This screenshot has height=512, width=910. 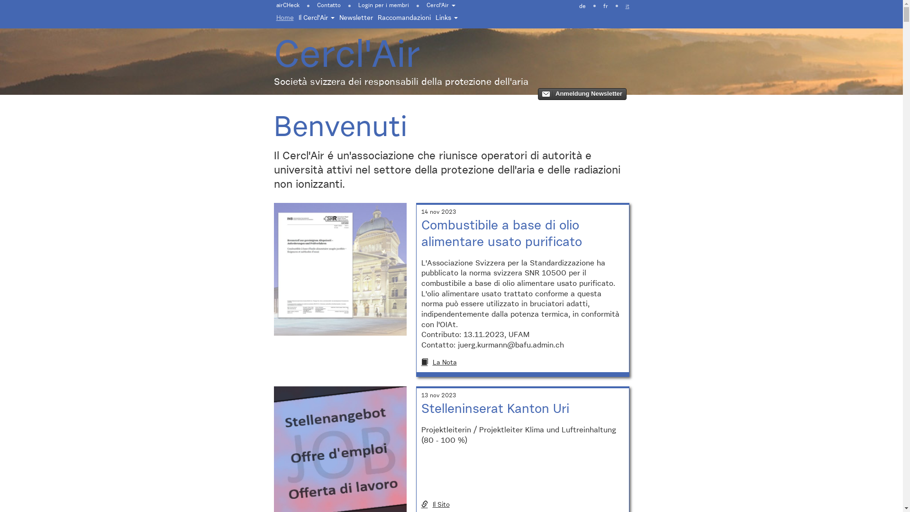 What do you see at coordinates (605, 6) in the screenshot?
I see `'fr'` at bounding box center [605, 6].